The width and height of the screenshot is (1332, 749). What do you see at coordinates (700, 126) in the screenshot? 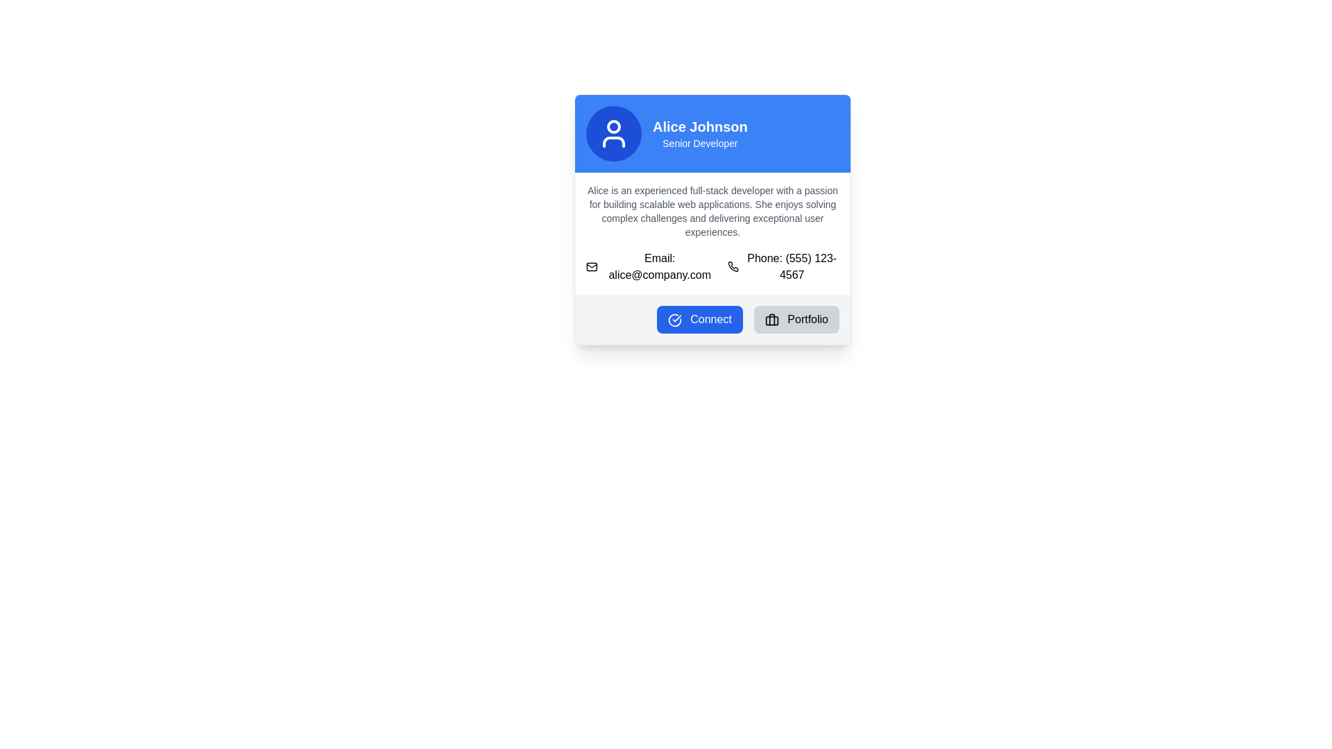
I see `label displaying the name 'Alice Johnson' located in the top section of the card interface, below the user profile icon and above the text 'Senior Developer'` at bounding box center [700, 126].